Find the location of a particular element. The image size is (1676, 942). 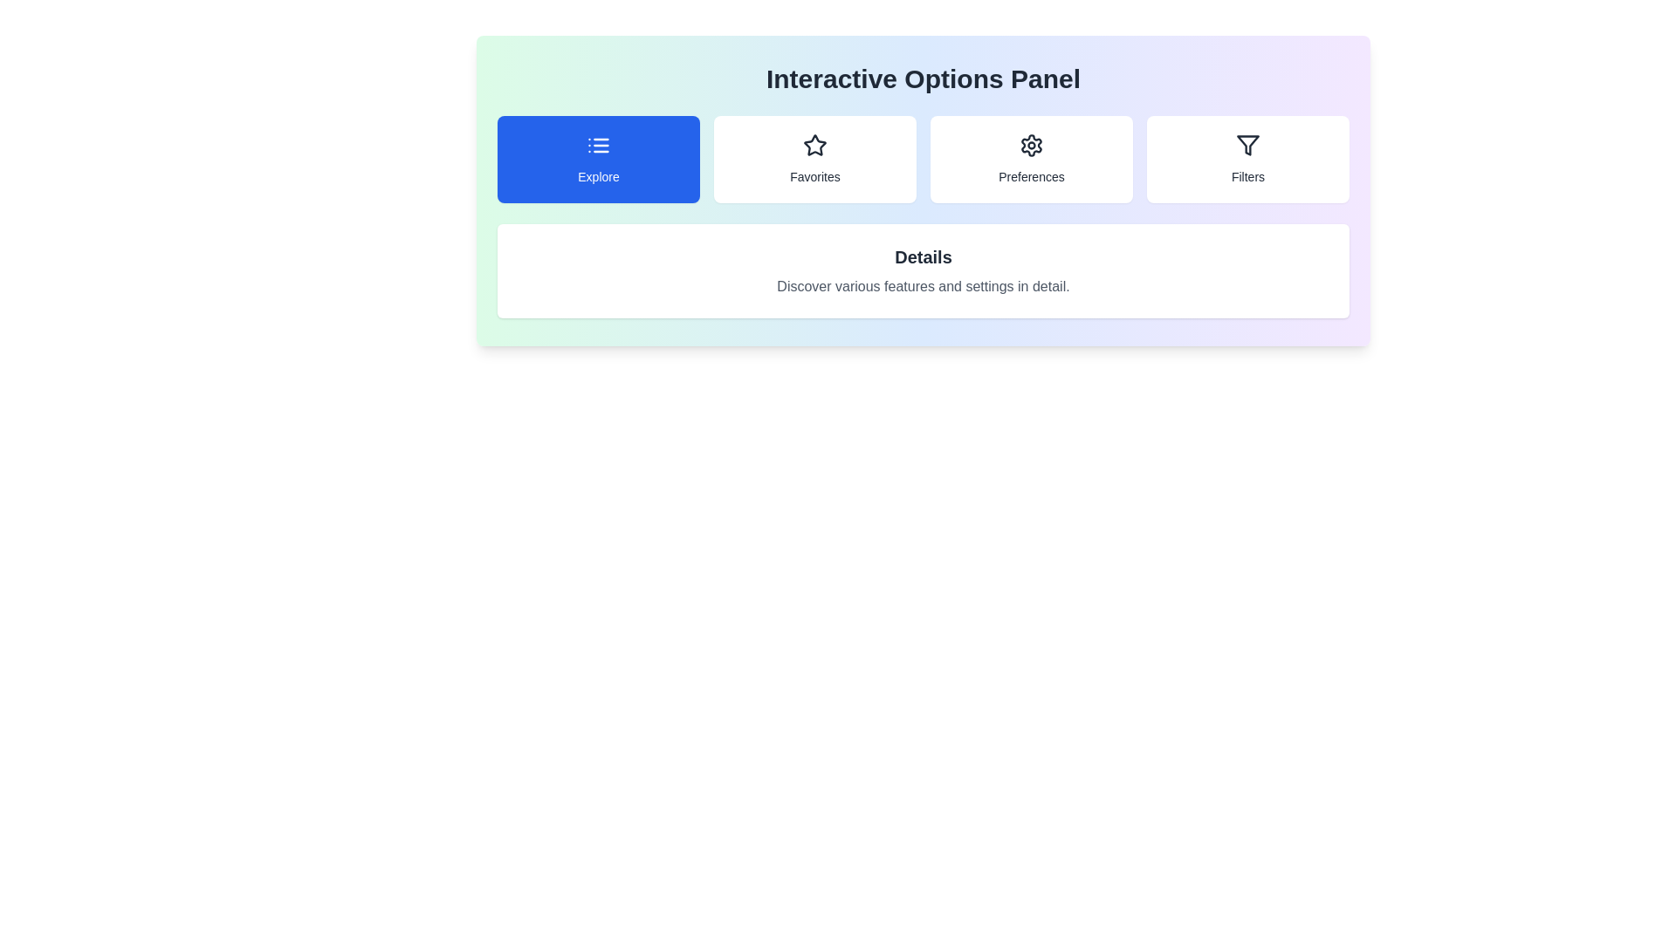

the third SVG icon in the top-center region of the interface, which is positioned between the star icon and the funnel icon is located at coordinates (1031, 144).